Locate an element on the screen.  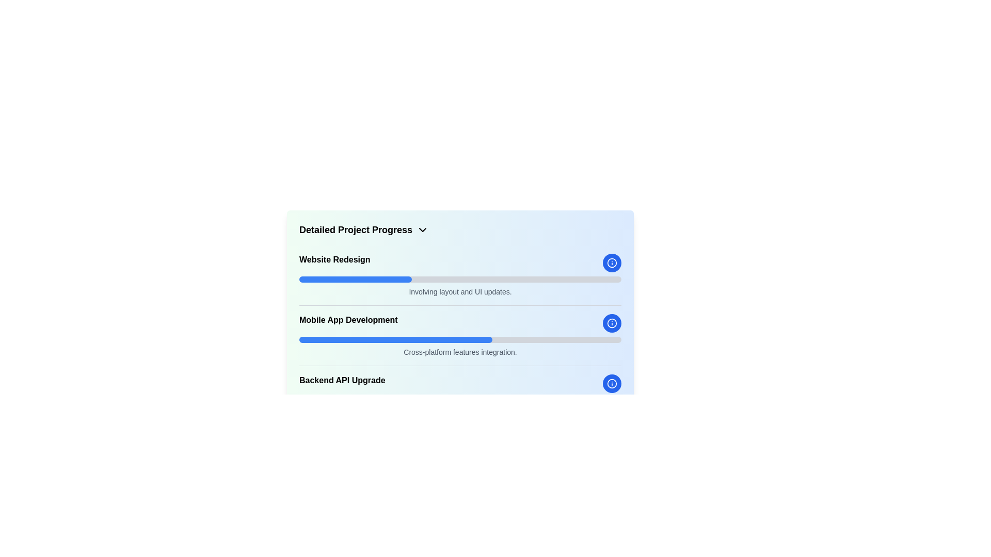
the static display of the icon located at the rightmost side of the 'Backend API Upgrade' section in the last row of the list interface is located at coordinates (612, 384).